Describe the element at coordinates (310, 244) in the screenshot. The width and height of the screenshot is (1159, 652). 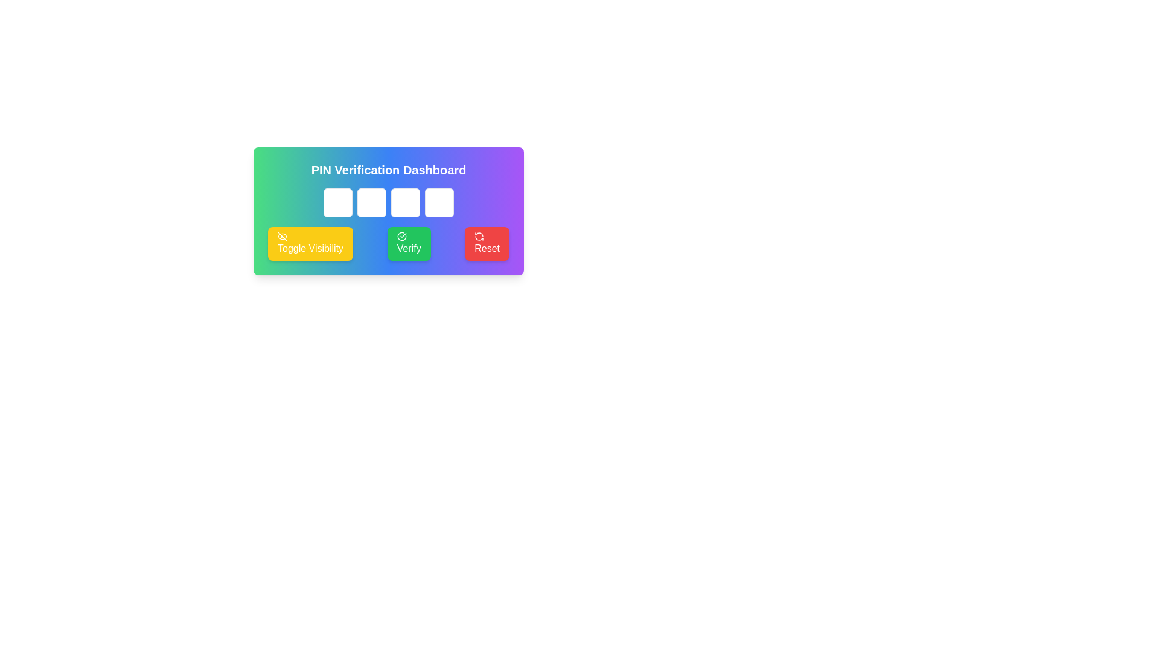
I see `the yellow rectangular button labeled 'Toggle Visibility' to observe its hover effect` at that location.